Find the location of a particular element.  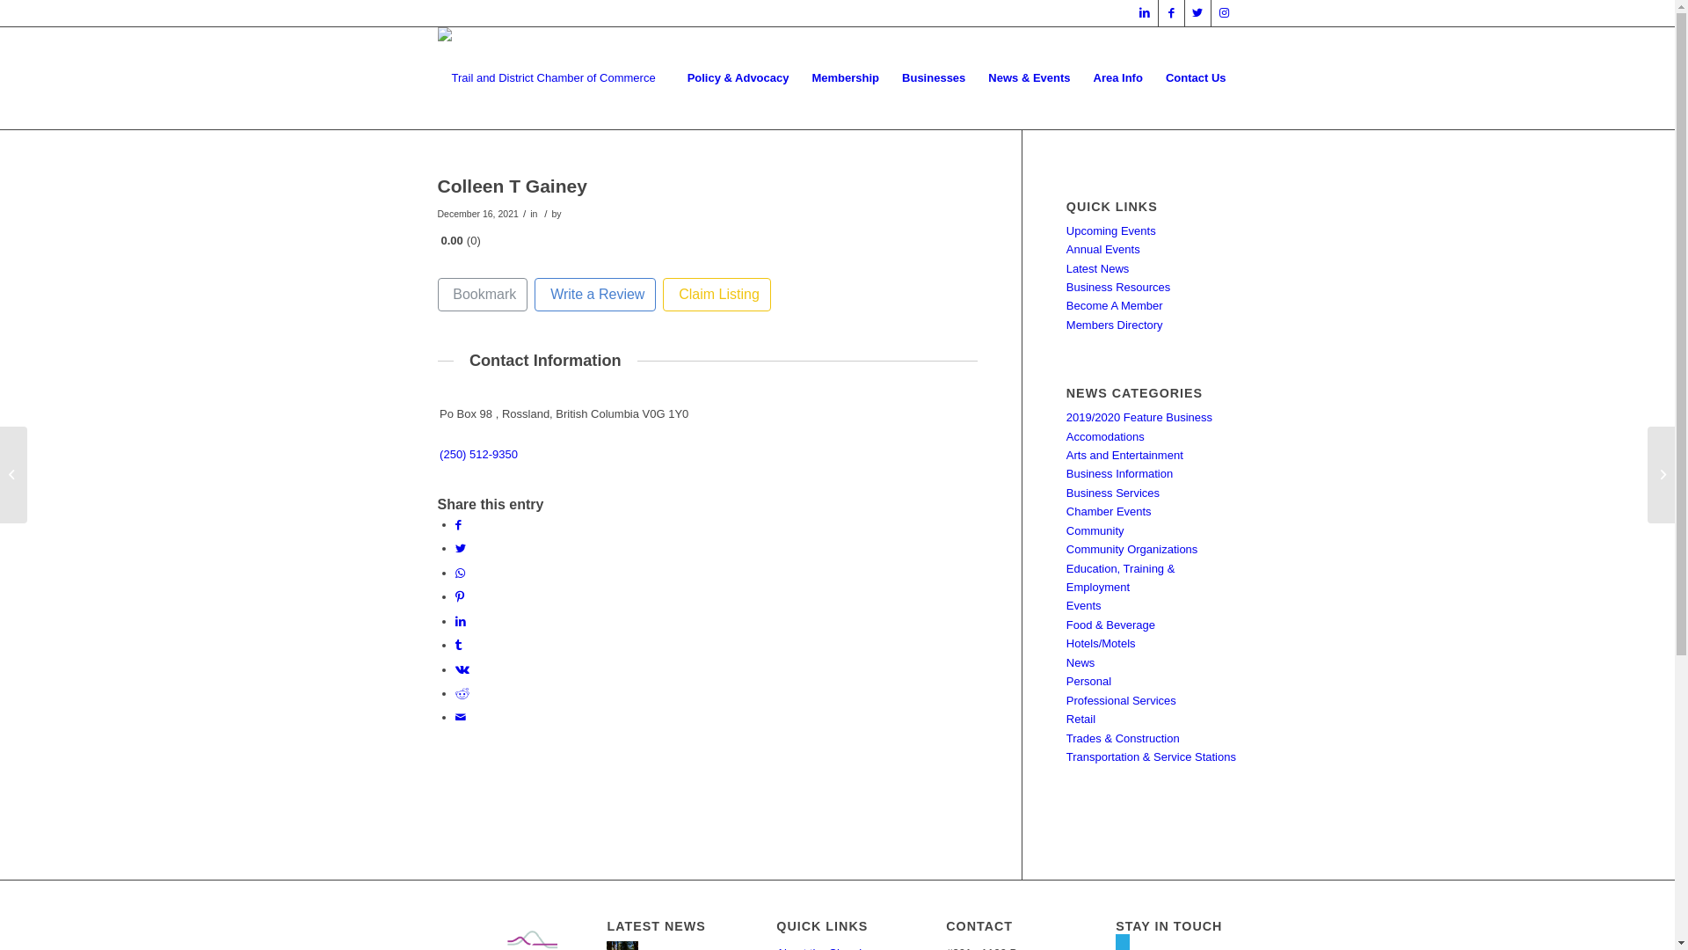

'Events' is located at coordinates (1066, 604).